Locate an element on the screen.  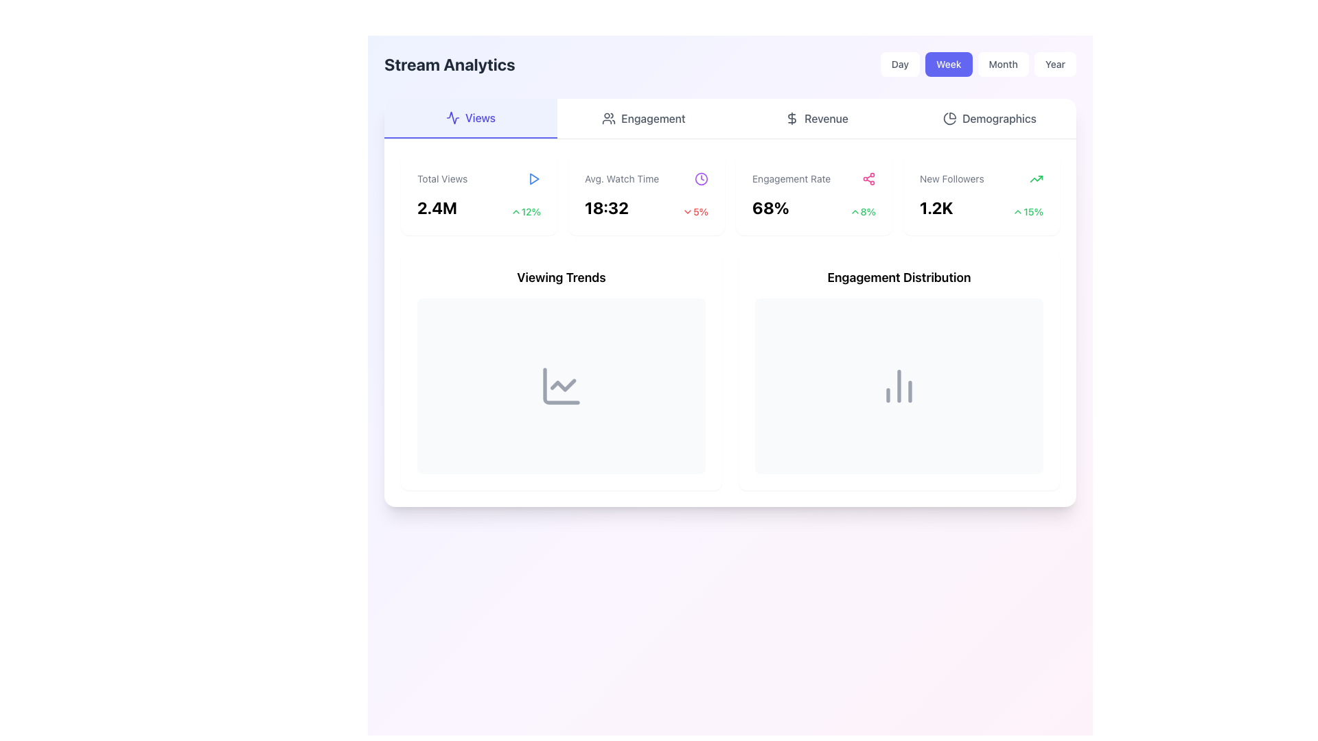
the decorative text element displaying a percentage increase of 12% in green color, located within the 'Total Views' card, to the right of the '2.4M' text is located at coordinates (524, 211).